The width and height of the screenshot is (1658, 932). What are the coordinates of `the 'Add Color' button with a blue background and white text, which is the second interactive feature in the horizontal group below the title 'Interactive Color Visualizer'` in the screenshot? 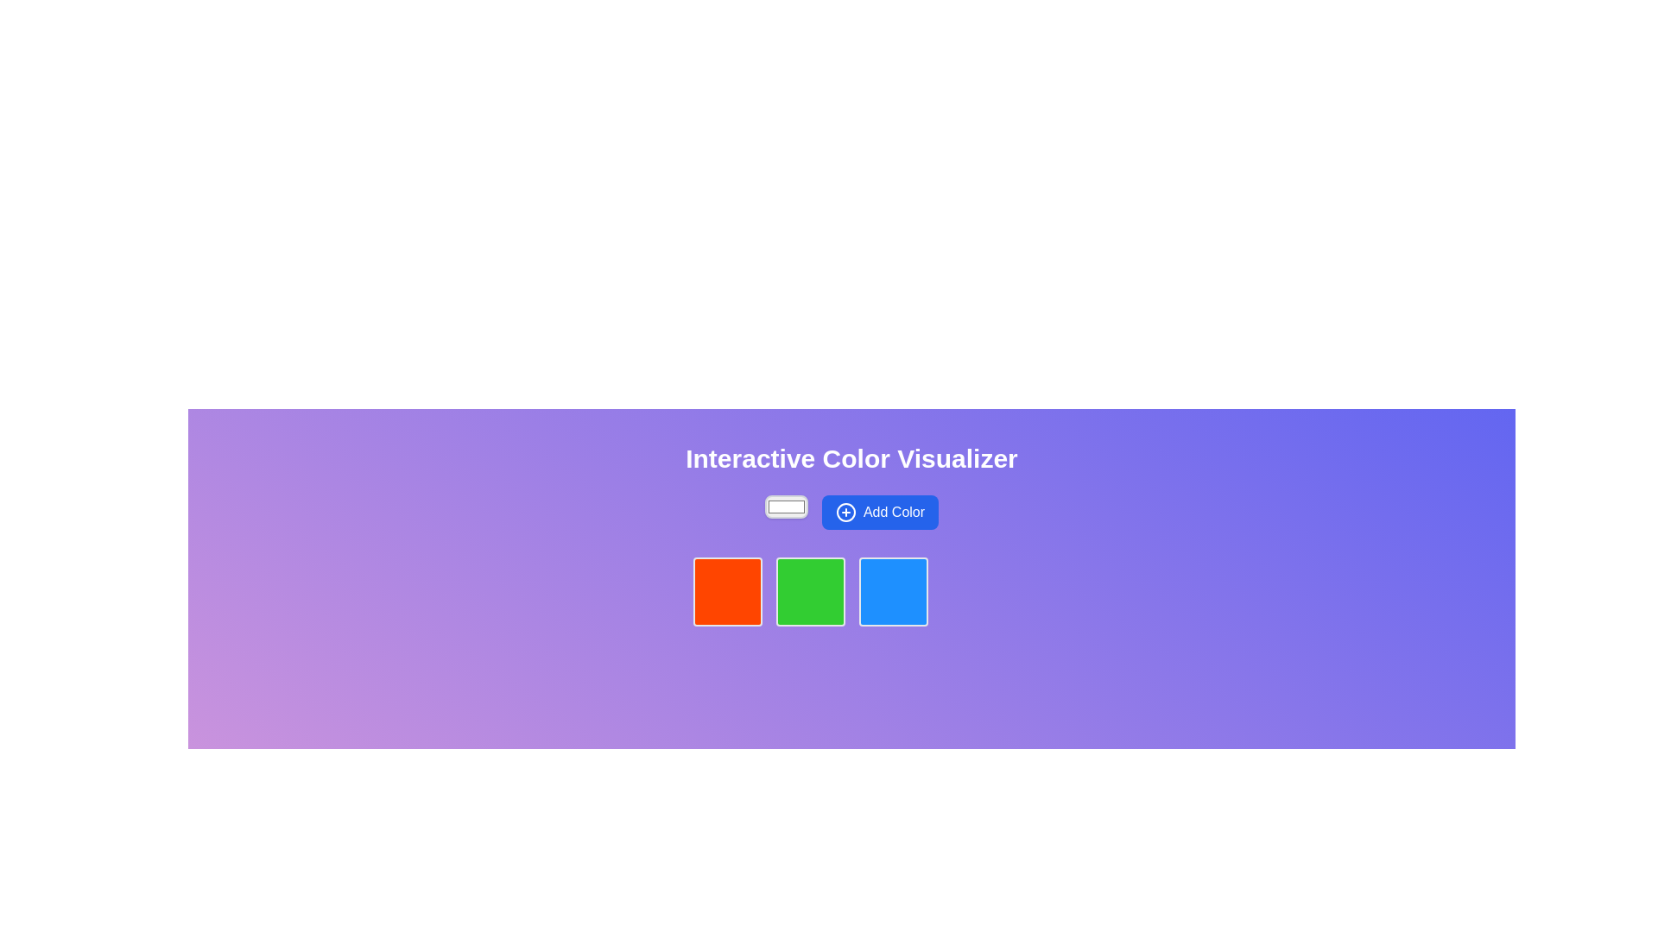 It's located at (851, 512).